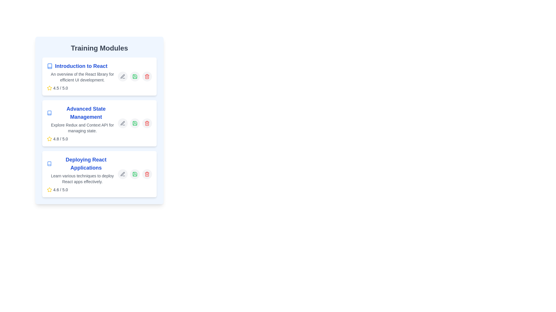  I want to click on the text block that describes 'Learn various techniques to deploy React apps effectively.' This text is styled in gray, smaller font and is positioned below the bold, blue title 'Deploying React Applications', so click(82, 178).